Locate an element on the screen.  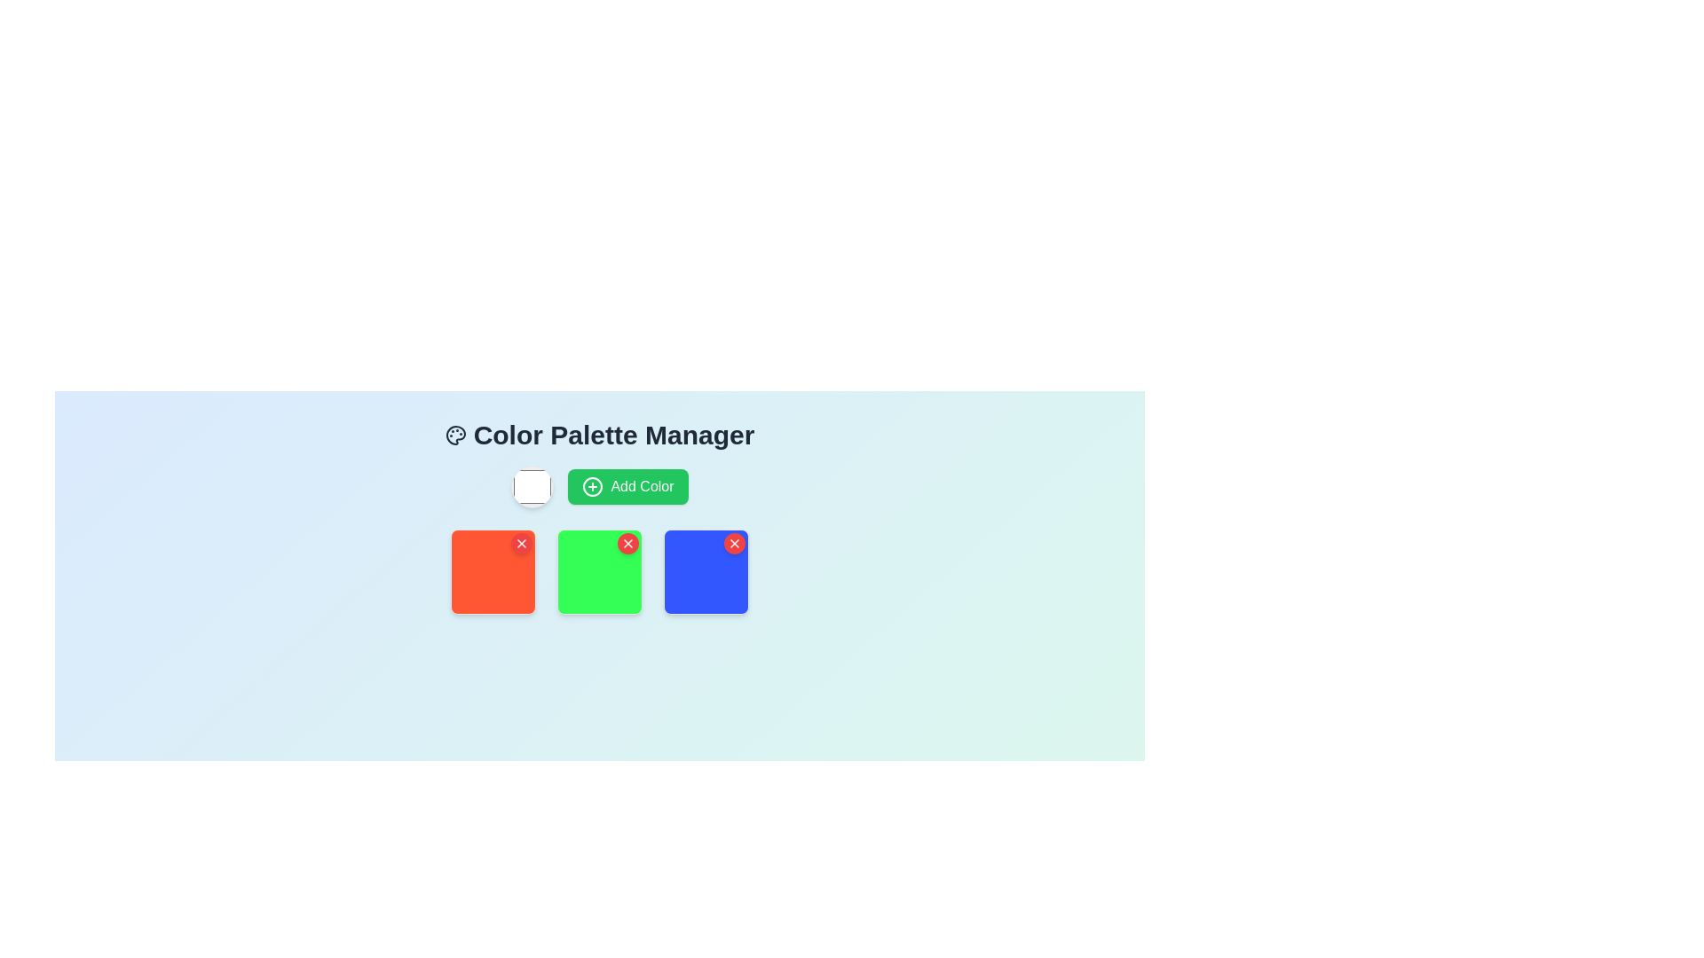
the small red circular button with a white 'X' symbol inside, located at the top-right corner of the central green square card is located at coordinates (628, 543).